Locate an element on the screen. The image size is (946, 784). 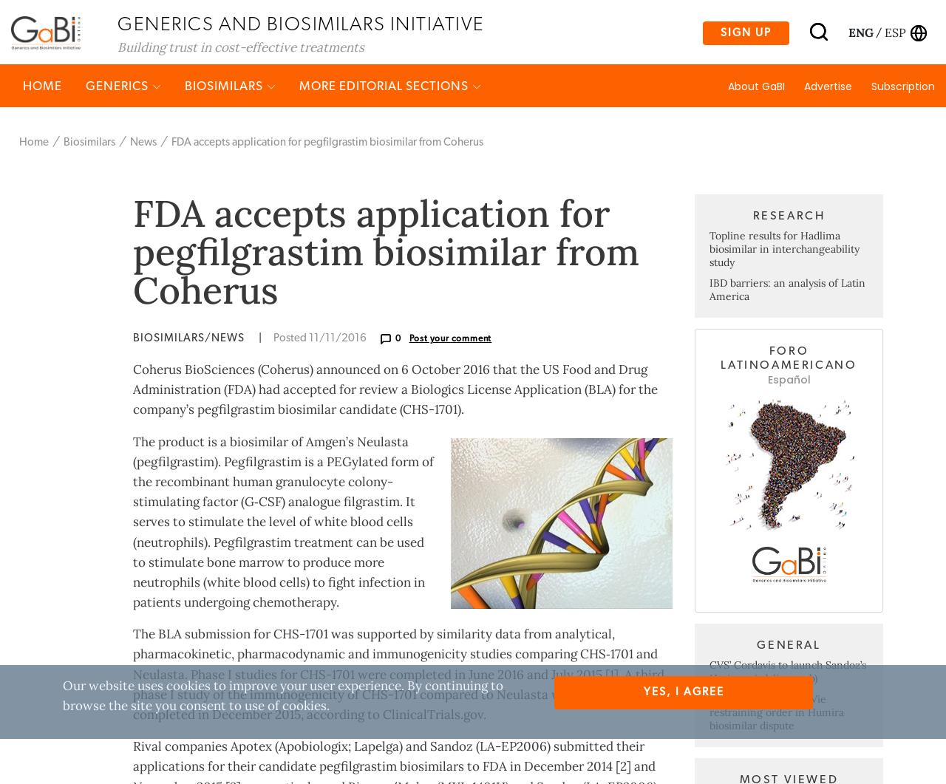
'General' is located at coordinates (788, 701).